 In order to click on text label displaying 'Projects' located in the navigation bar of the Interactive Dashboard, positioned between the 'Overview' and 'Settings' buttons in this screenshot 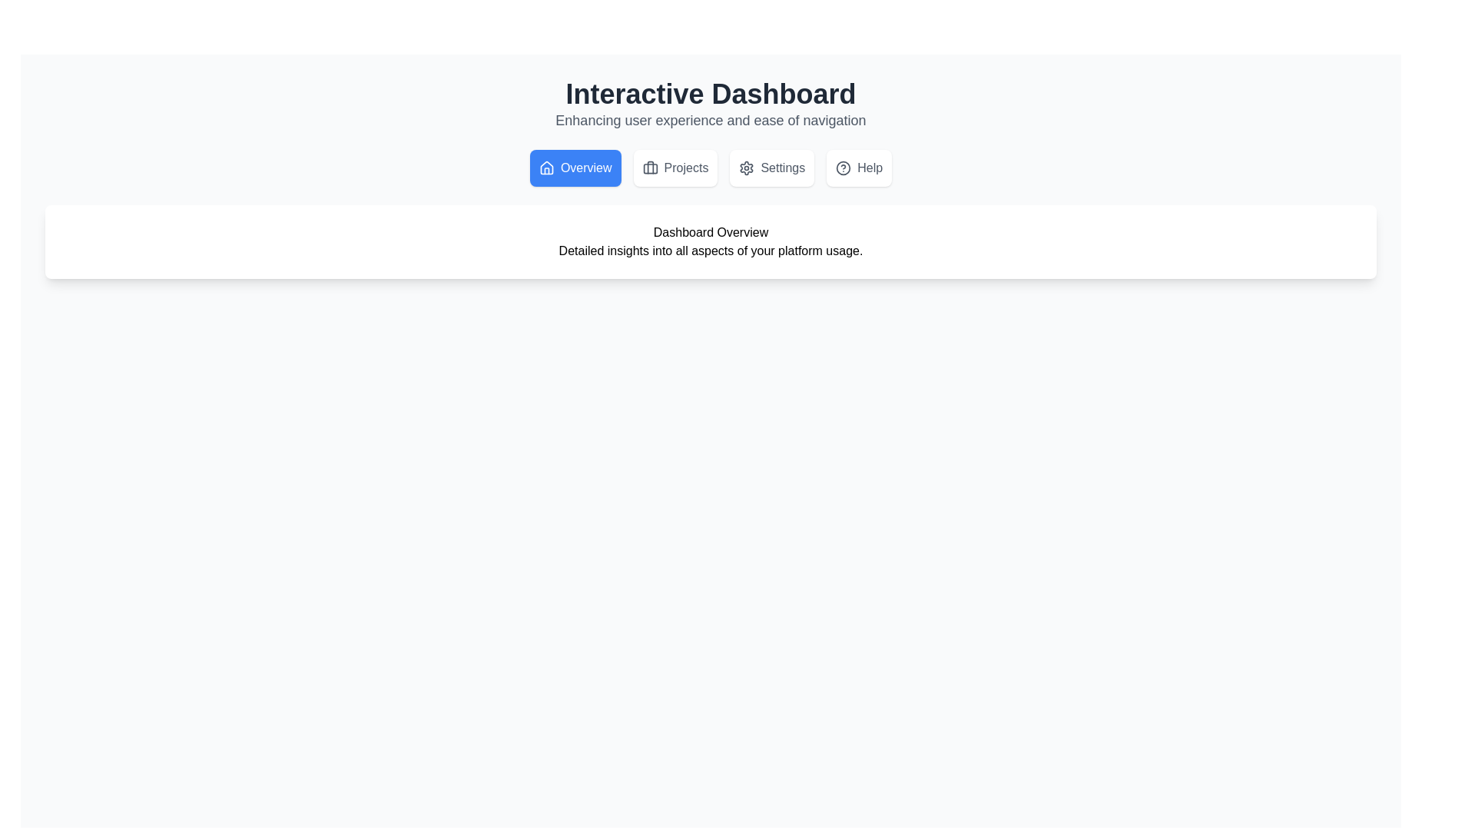, I will do `click(685, 168)`.